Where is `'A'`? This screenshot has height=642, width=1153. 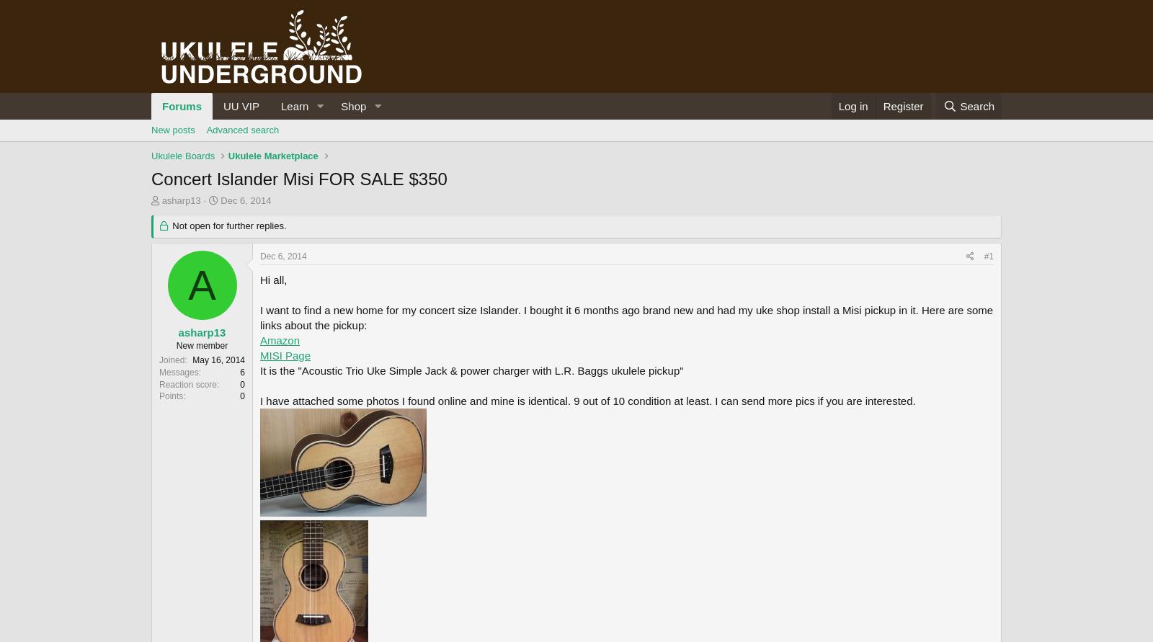 'A' is located at coordinates (187, 284).